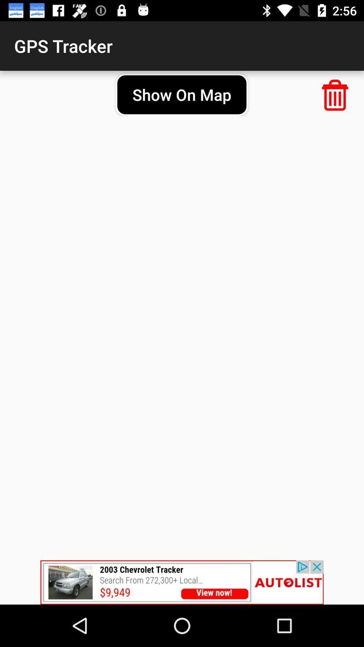 This screenshot has height=647, width=364. What do you see at coordinates (335, 95) in the screenshot?
I see `delete tracker` at bounding box center [335, 95].